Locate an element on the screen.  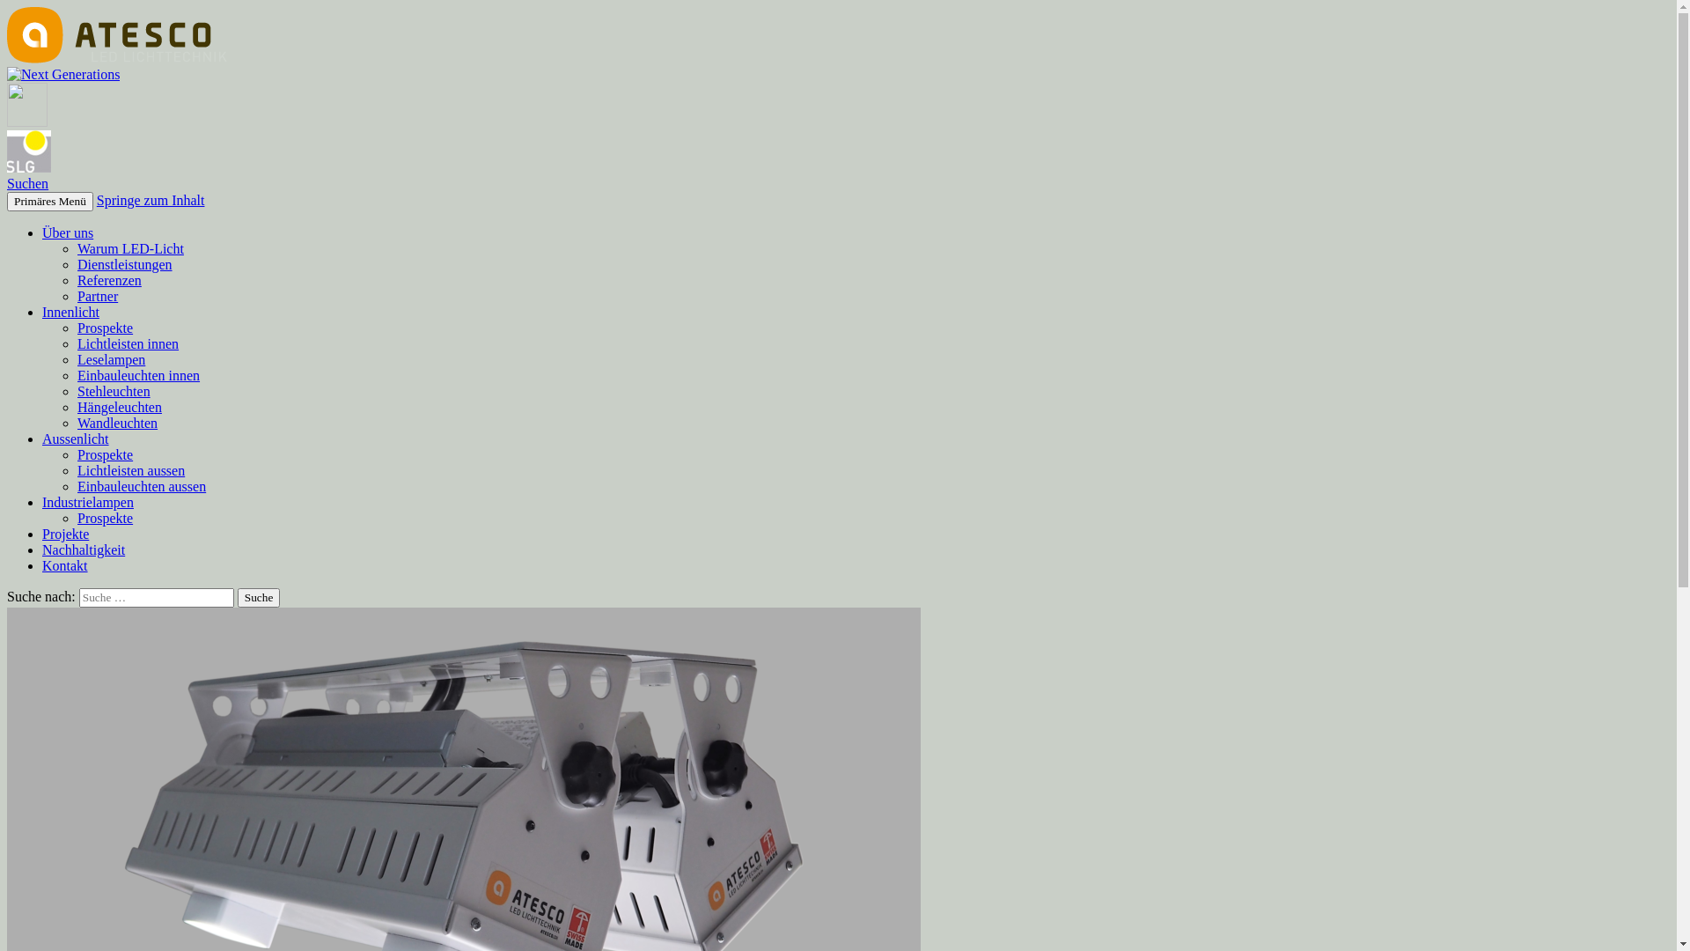
'Wandleuchten' is located at coordinates (116, 423).